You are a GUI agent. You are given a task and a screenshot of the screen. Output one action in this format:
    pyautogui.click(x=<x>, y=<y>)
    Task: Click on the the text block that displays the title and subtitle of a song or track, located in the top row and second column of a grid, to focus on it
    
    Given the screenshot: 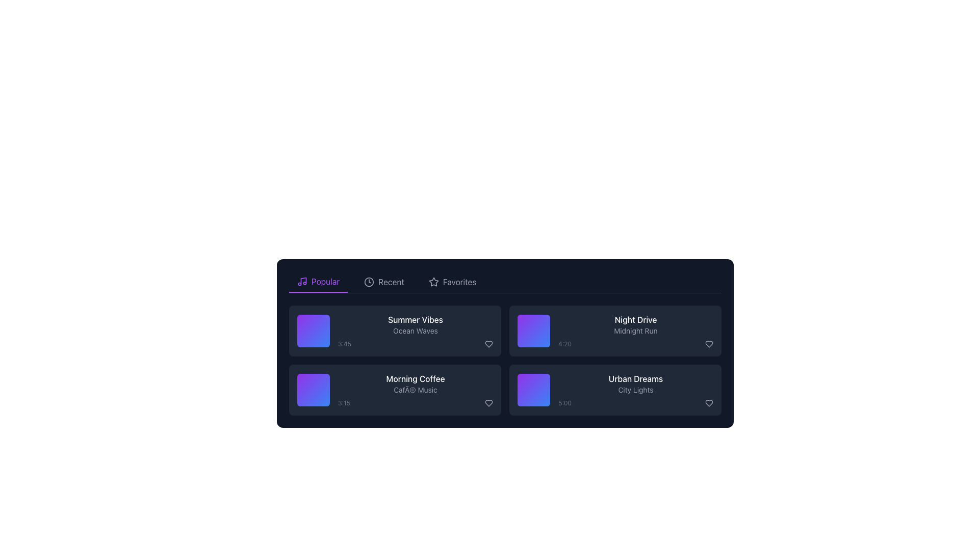 What is the action you would take?
    pyautogui.click(x=416, y=331)
    